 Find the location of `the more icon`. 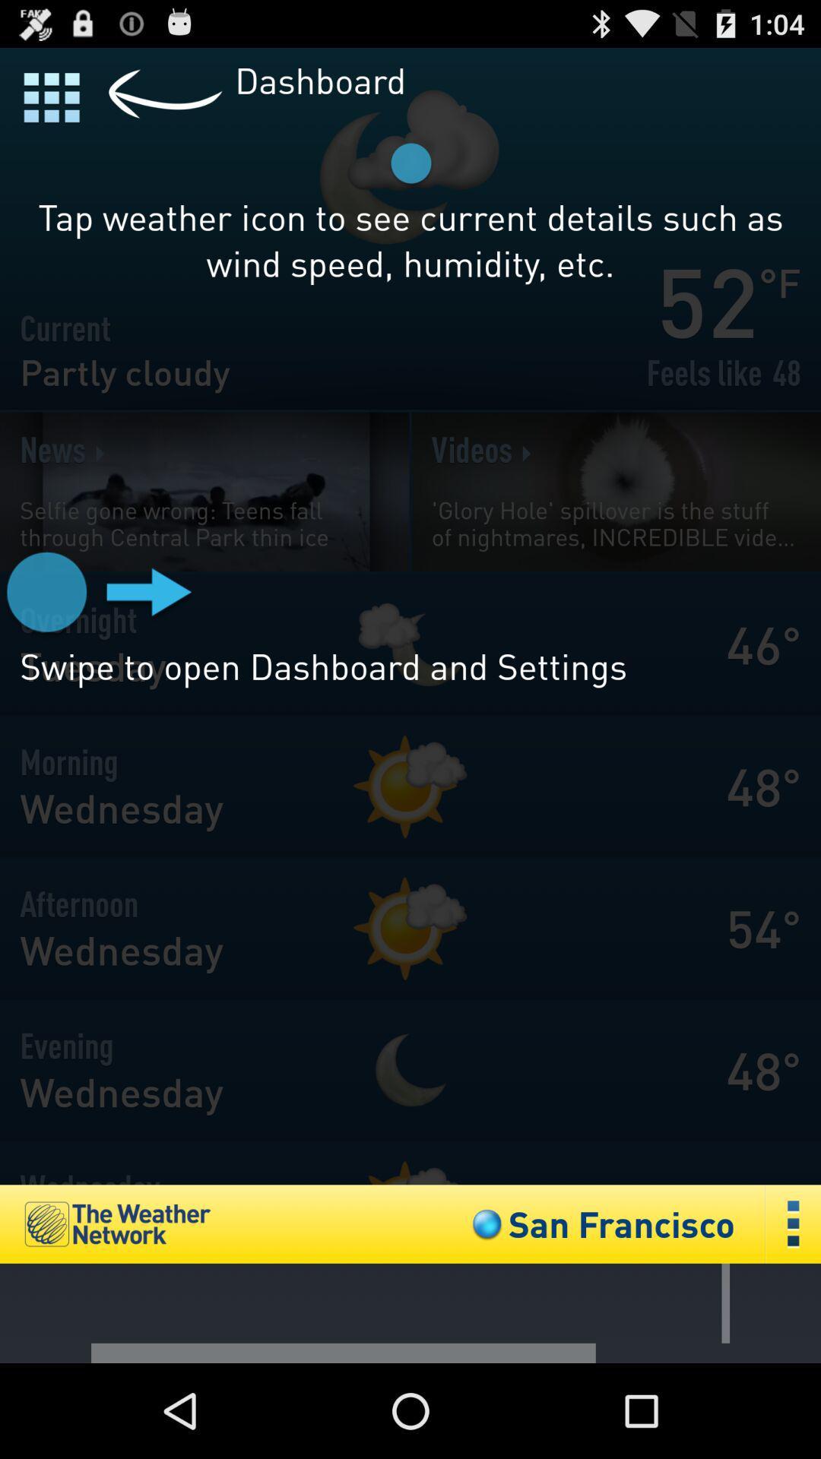

the more icon is located at coordinates (793, 1309).